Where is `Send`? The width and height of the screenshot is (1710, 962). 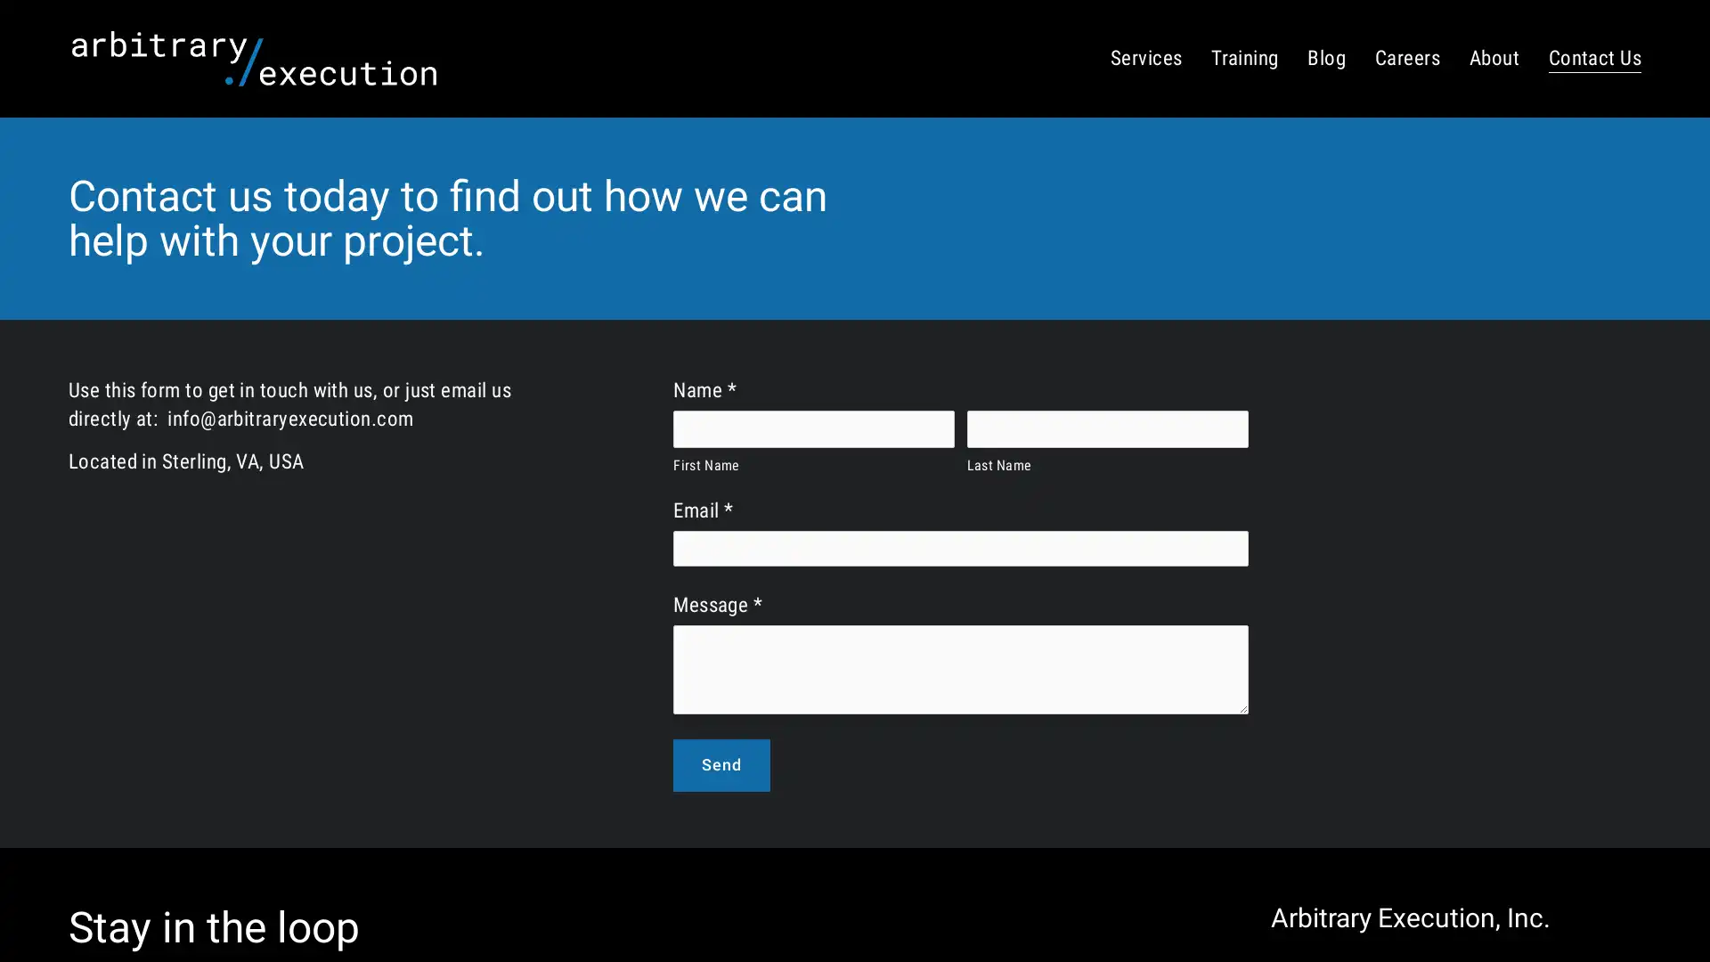
Send is located at coordinates (721, 764).